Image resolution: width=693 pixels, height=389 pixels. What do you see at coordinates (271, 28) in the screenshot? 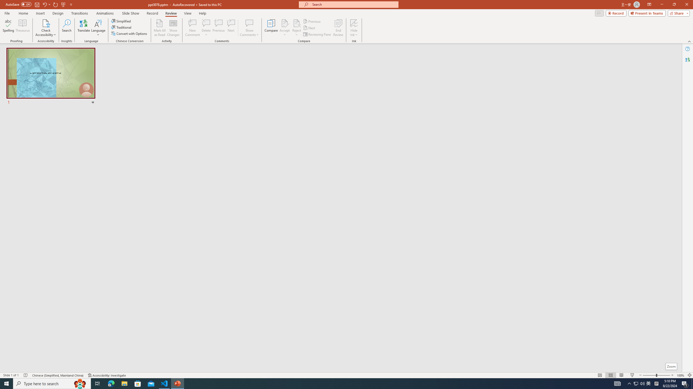
I see `'Compare'` at bounding box center [271, 28].